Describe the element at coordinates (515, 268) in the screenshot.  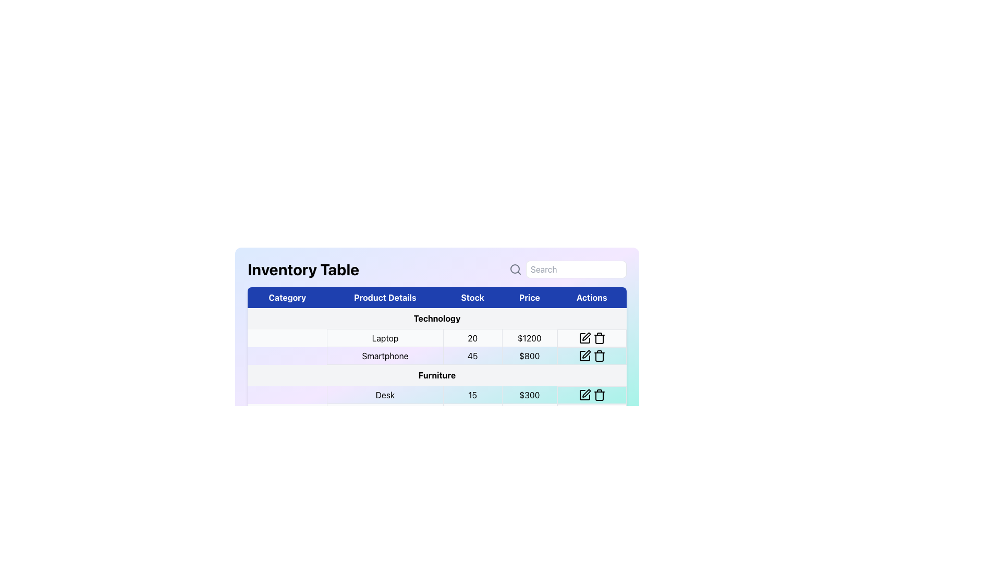
I see `the search icon located to the left of the 'Search' text input field in the header section above the 'Inventory Table'` at that location.